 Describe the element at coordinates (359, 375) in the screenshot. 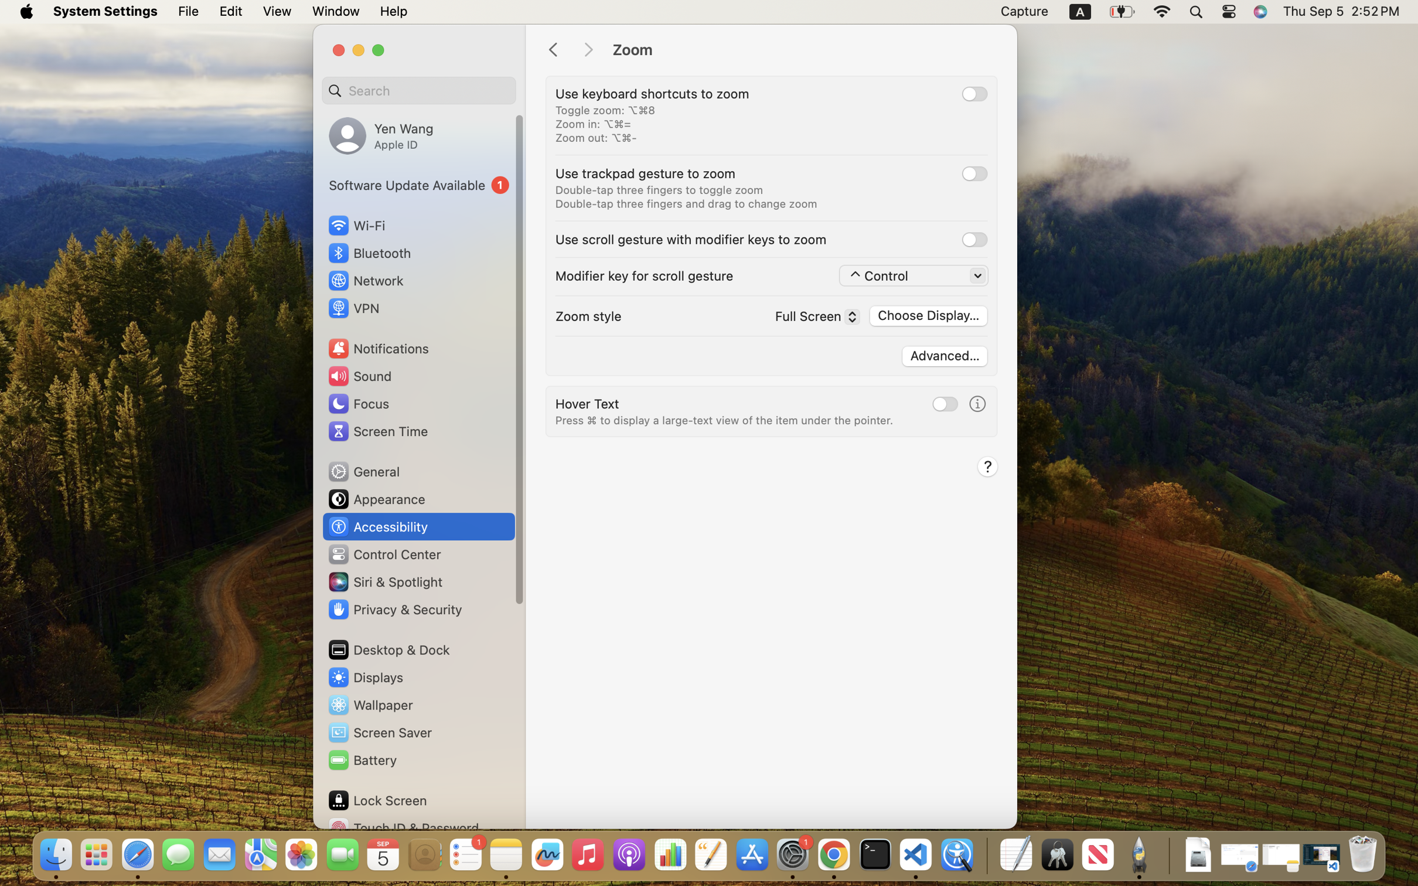

I see `'Sound'` at that location.